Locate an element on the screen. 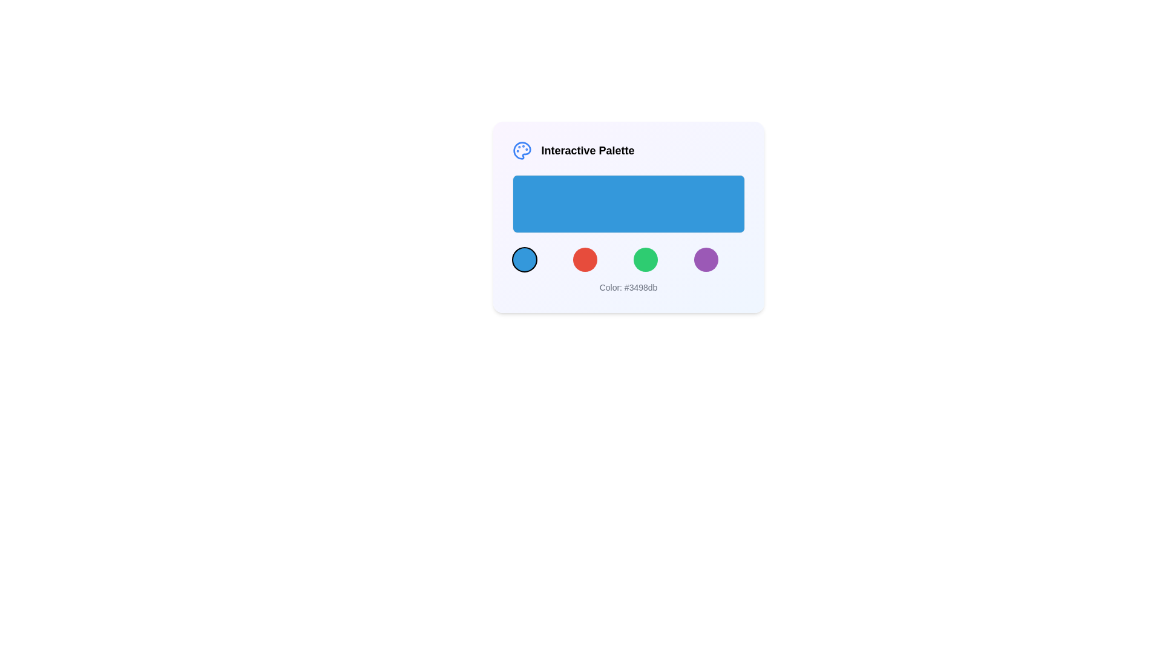 The width and height of the screenshot is (1162, 654). the painter's palette icon located within the 'Interactive Palette' card, which is styled with a blue outline and contains multiple small circular elements is located at coordinates (522, 150).